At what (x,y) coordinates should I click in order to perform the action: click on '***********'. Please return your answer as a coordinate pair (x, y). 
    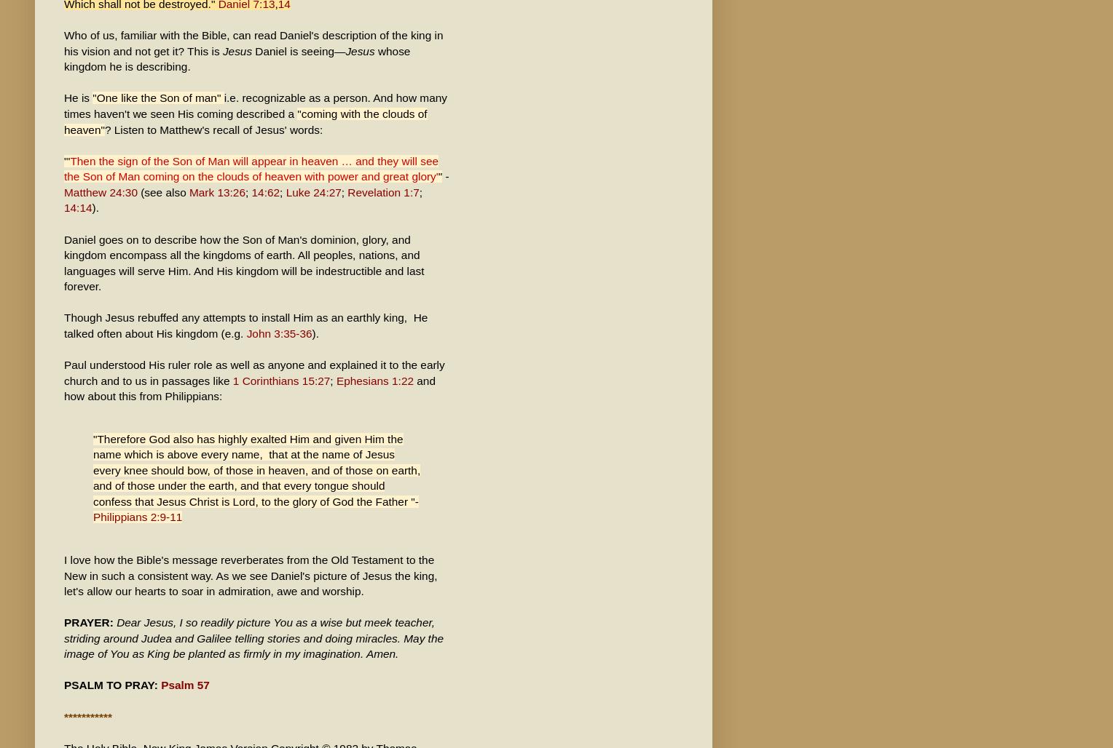
    Looking at the image, I should click on (87, 715).